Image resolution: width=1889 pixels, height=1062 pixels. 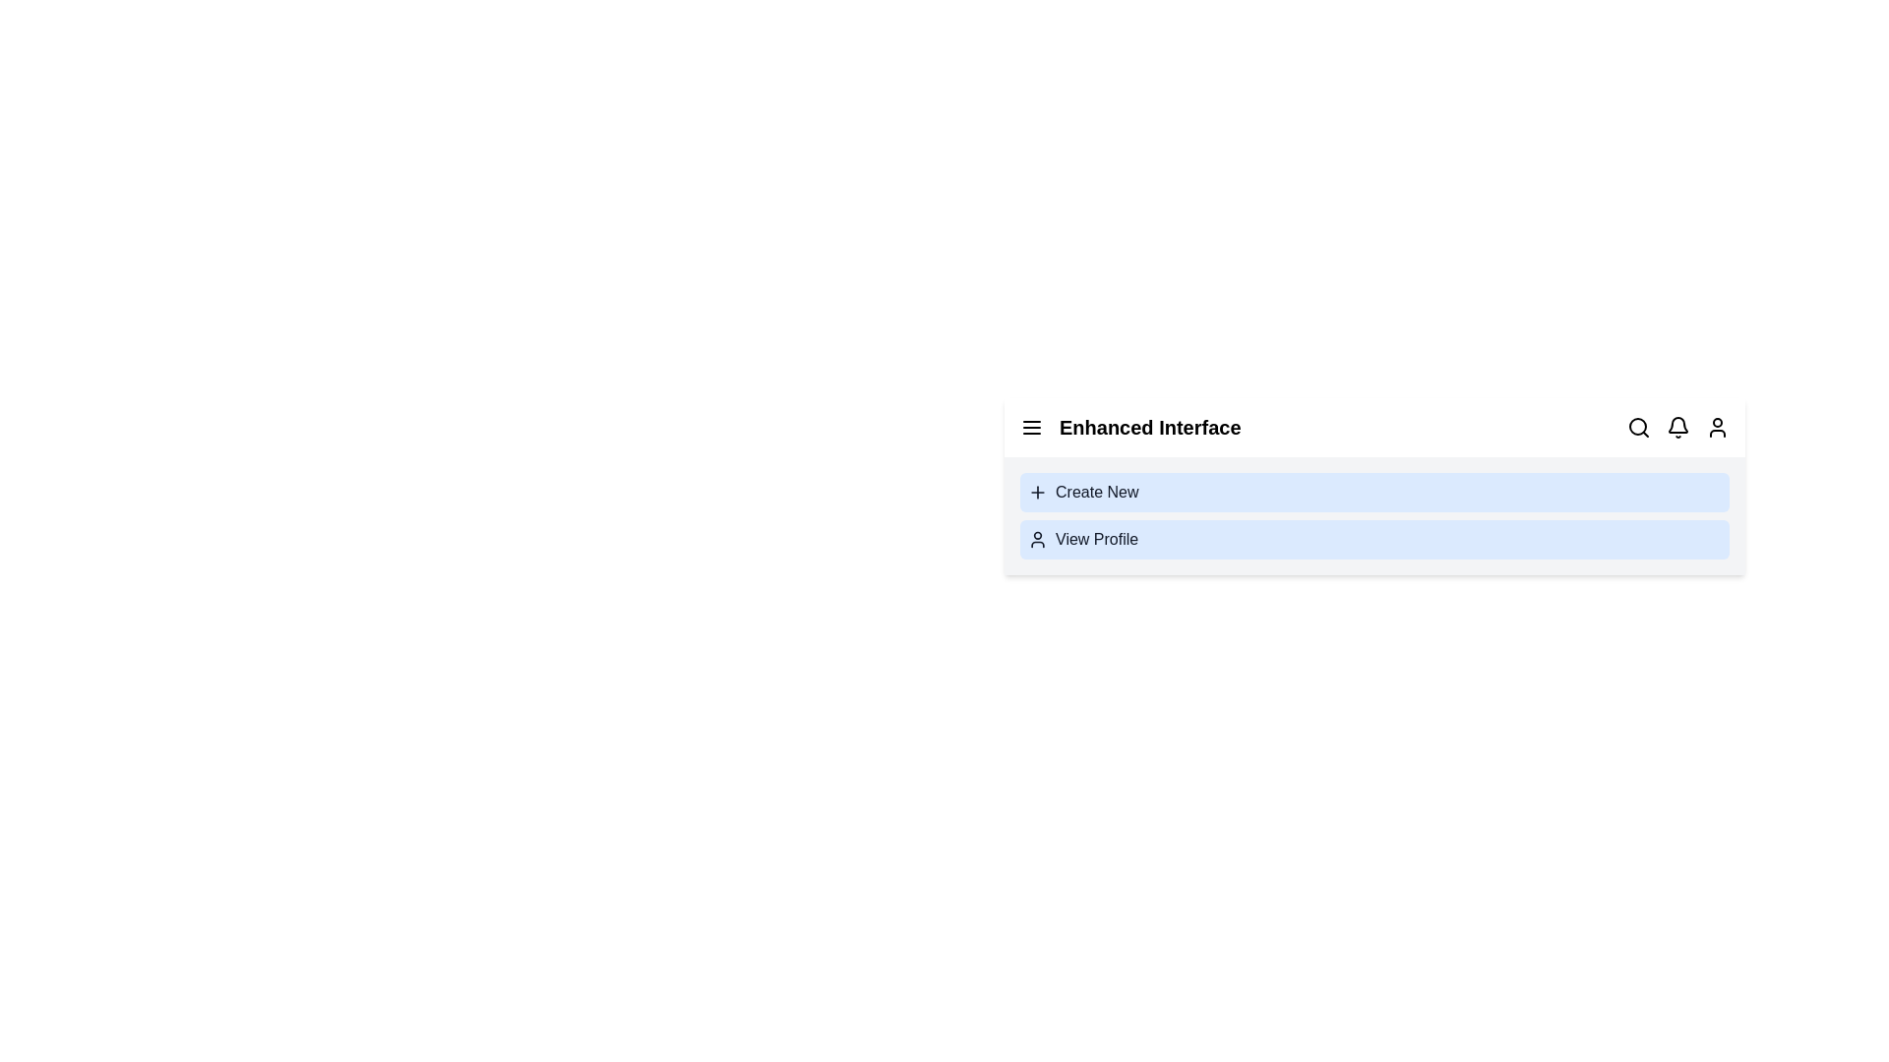 I want to click on the menu icon to toggle the dropdown menu, so click(x=1031, y=427).